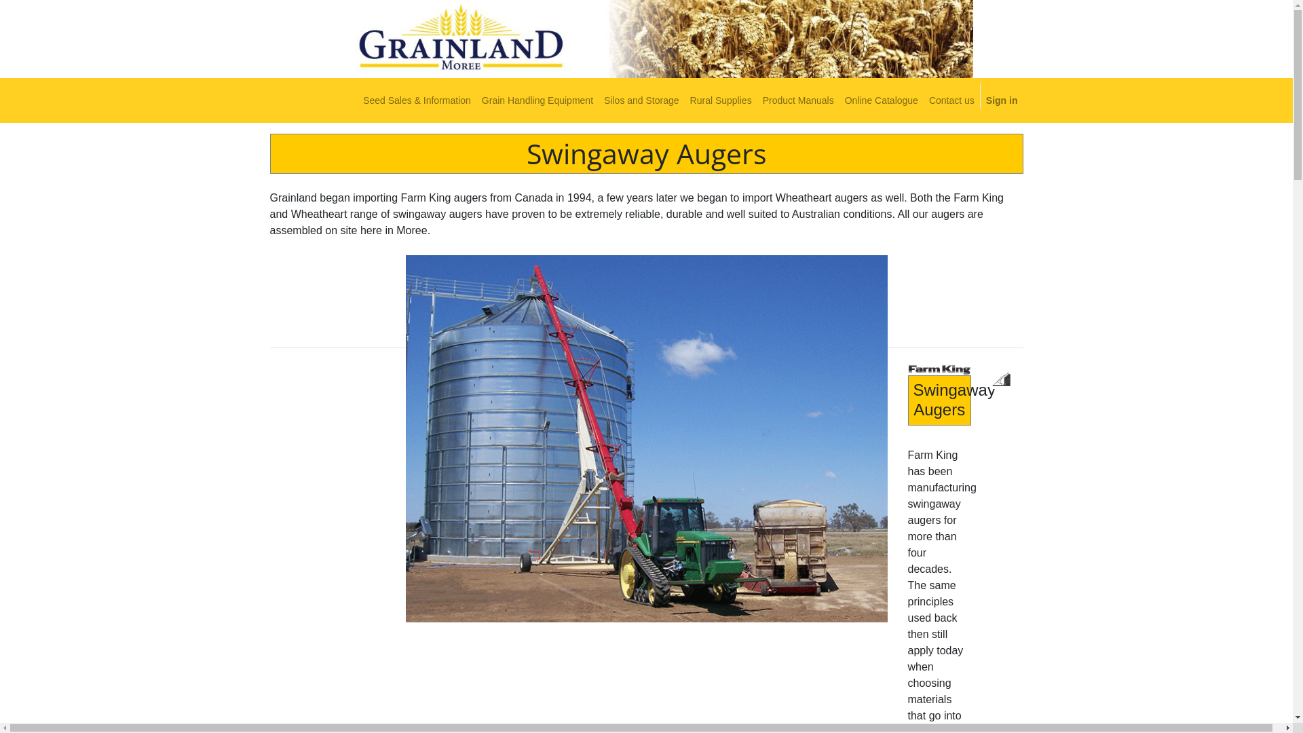  What do you see at coordinates (641, 99) in the screenshot?
I see `'Silos and Storage'` at bounding box center [641, 99].